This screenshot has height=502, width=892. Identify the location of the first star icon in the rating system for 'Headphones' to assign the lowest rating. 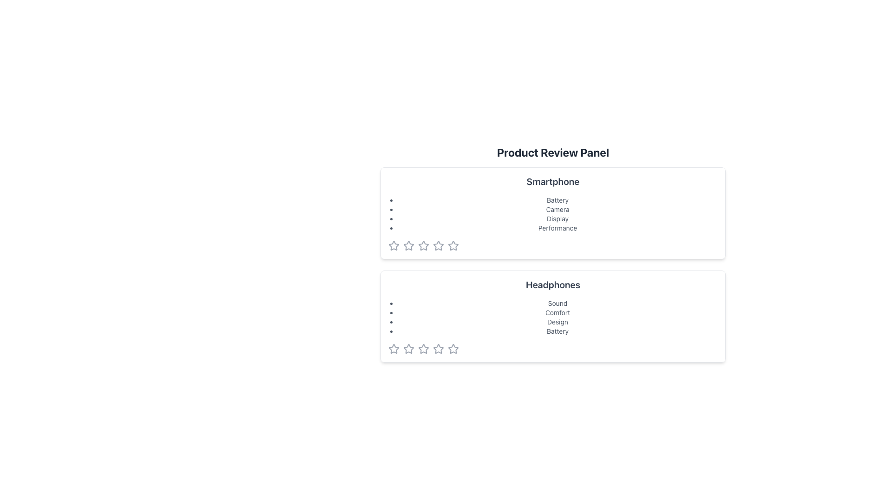
(394, 349).